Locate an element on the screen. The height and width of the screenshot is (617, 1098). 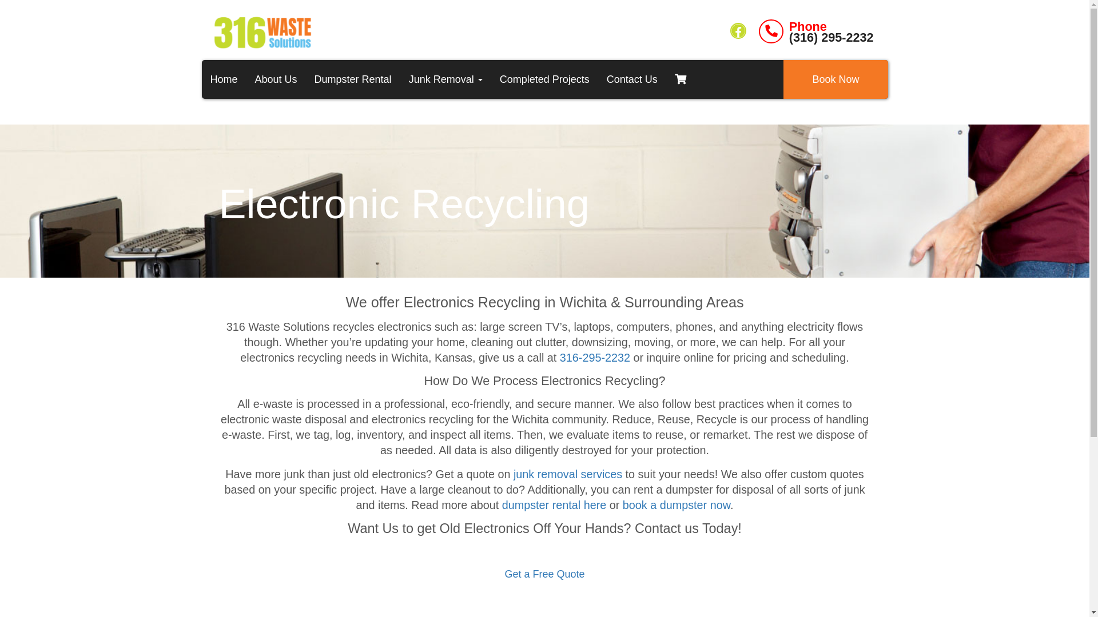
'dumpster rental here' is located at coordinates (554, 504).